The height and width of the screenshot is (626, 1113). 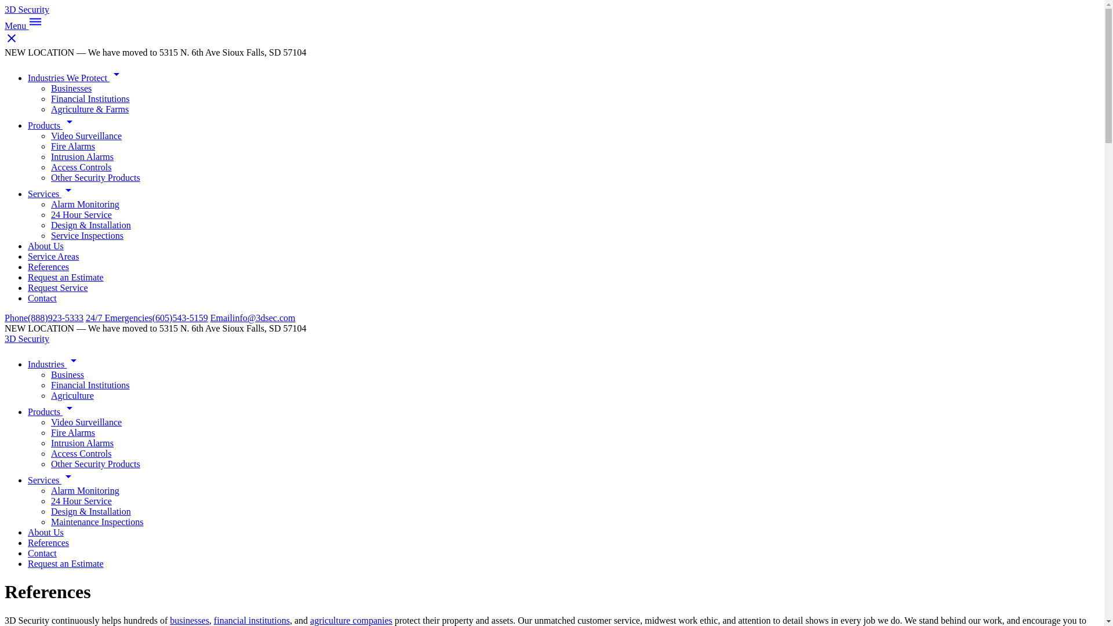 I want to click on '24/7 Emergencies(605)543-5159', so click(x=146, y=318).